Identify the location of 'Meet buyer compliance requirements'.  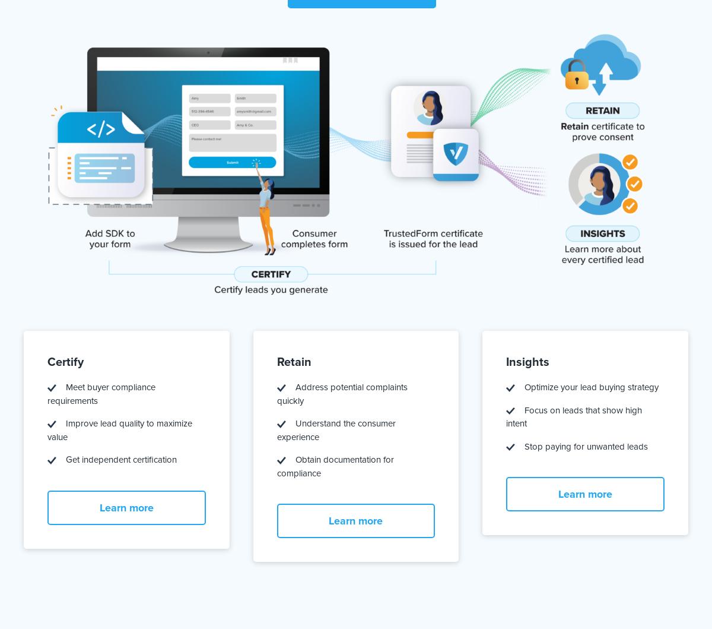
(100, 394).